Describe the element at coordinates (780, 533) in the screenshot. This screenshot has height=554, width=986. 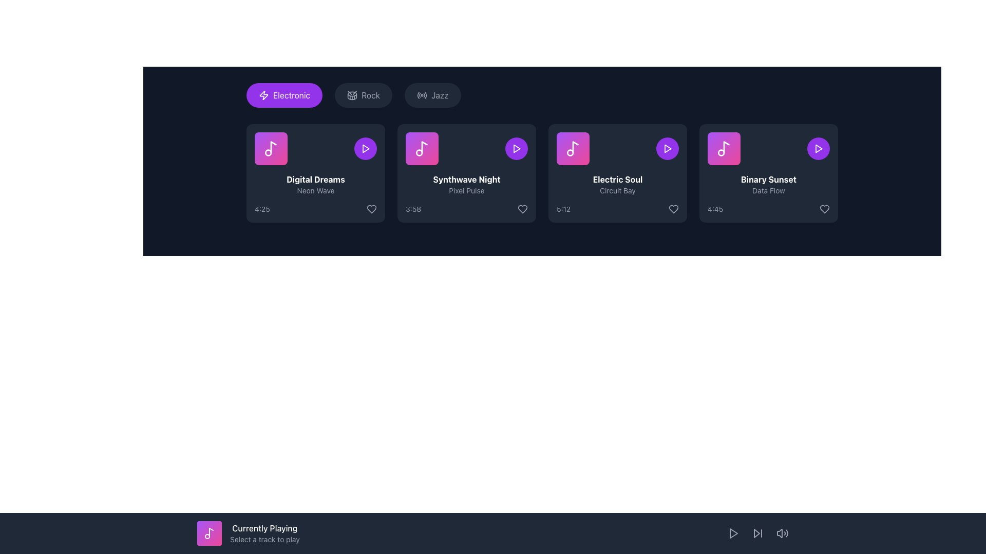
I see `the speaker icon segment, which is a triangular shape representing volume control, located at the bottom-right corner of the interface` at that location.